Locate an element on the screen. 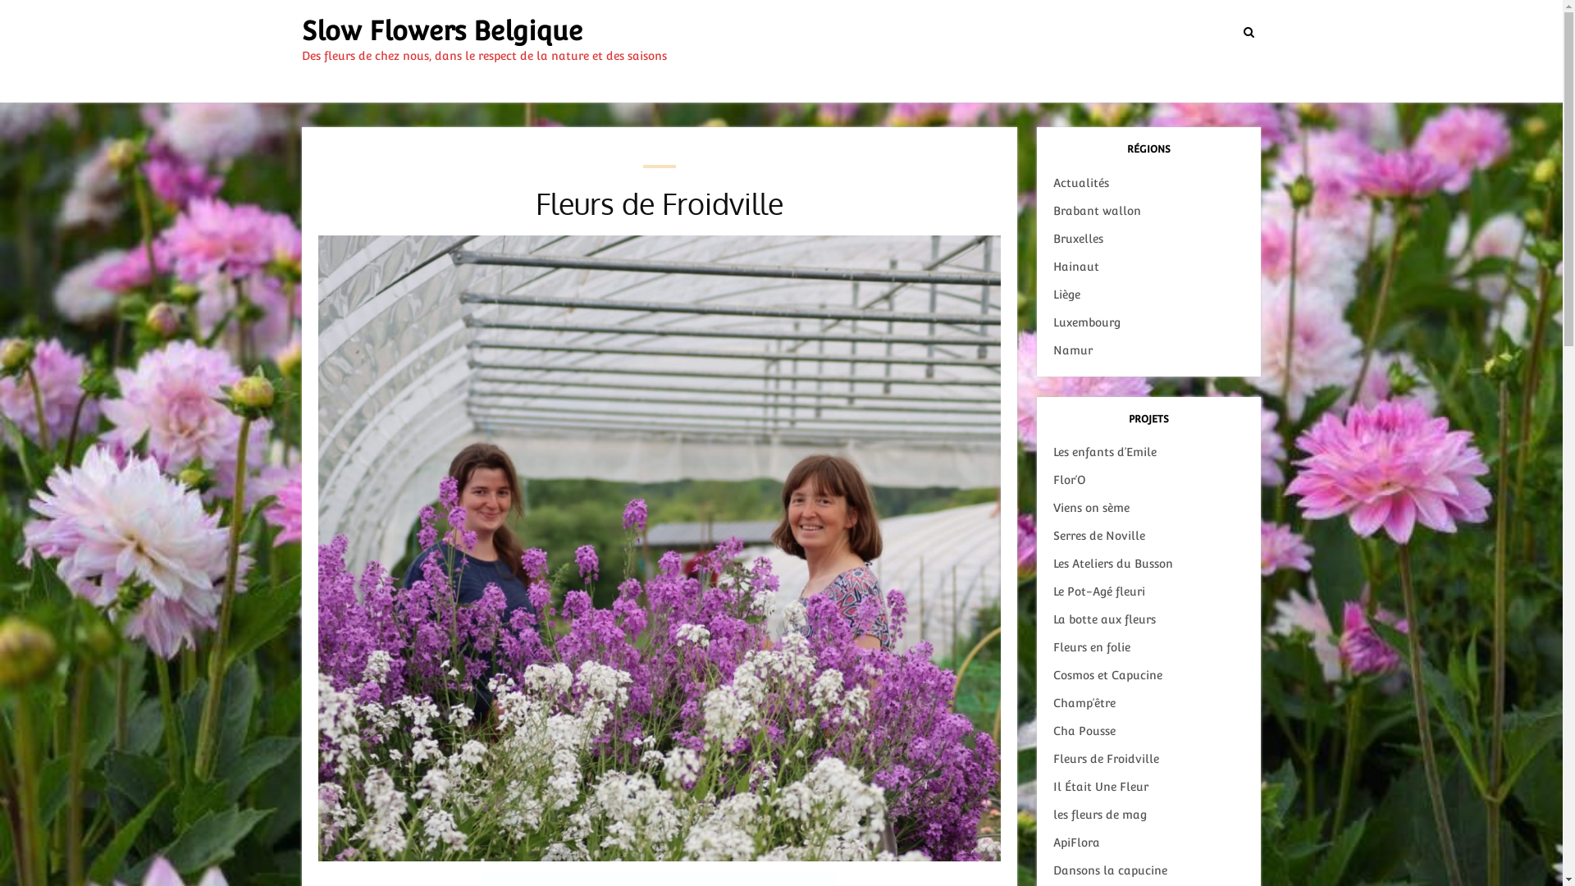 This screenshot has height=886, width=1575. 'Bruxelles' is located at coordinates (1078, 238).